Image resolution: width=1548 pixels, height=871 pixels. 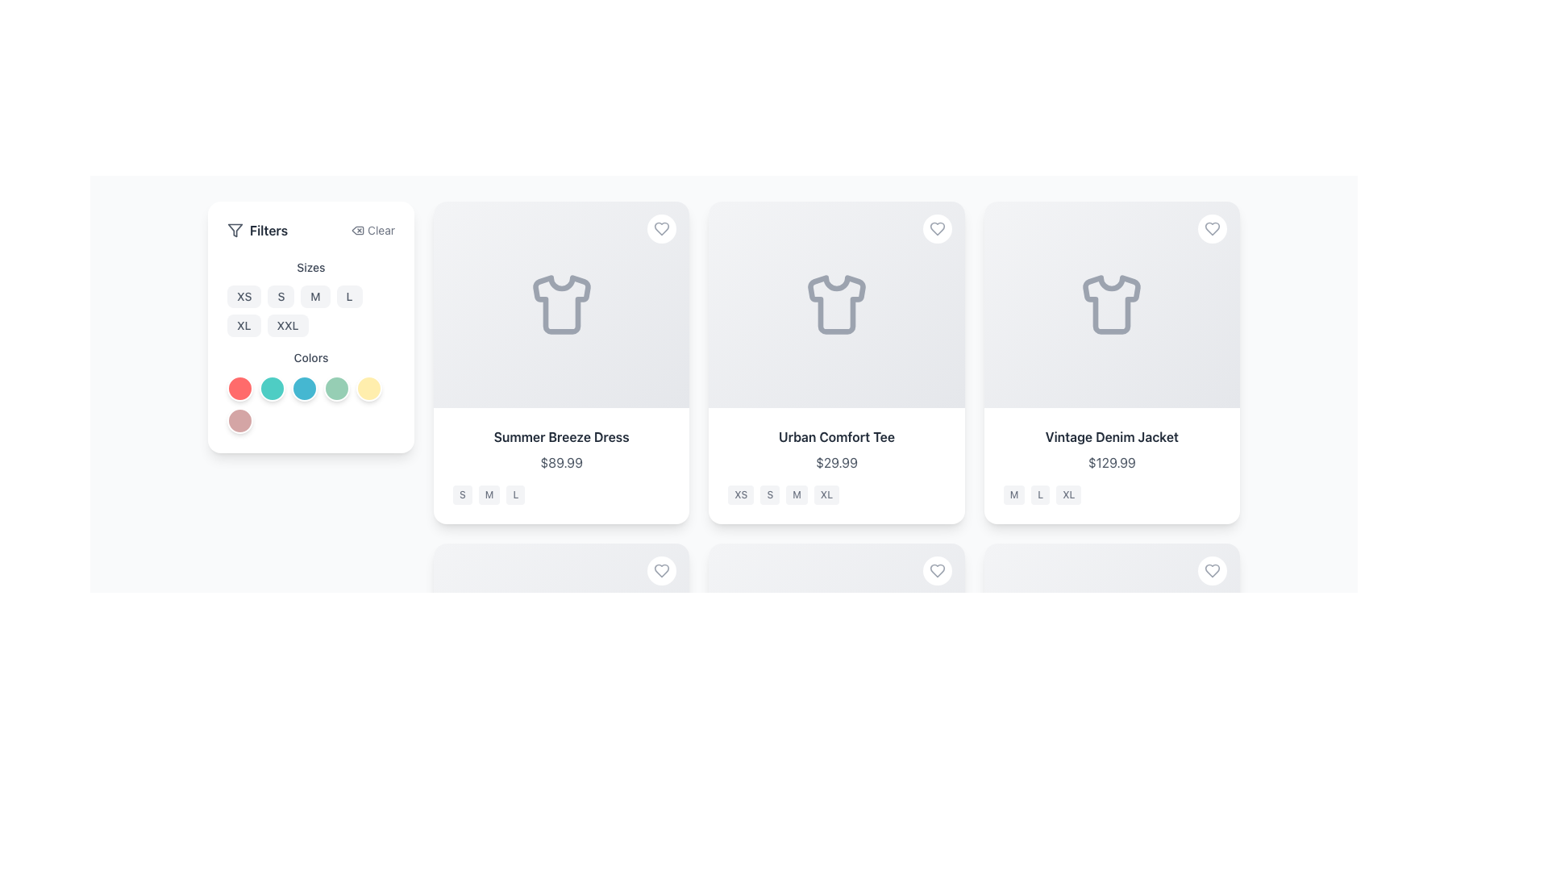 What do you see at coordinates (268, 230) in the screenshot?
I see `the label that denotes the functionality of the filter panel, located in the top-left corner of the filter panel, immediately right of the filter icon` at bounding box center [268, 230].